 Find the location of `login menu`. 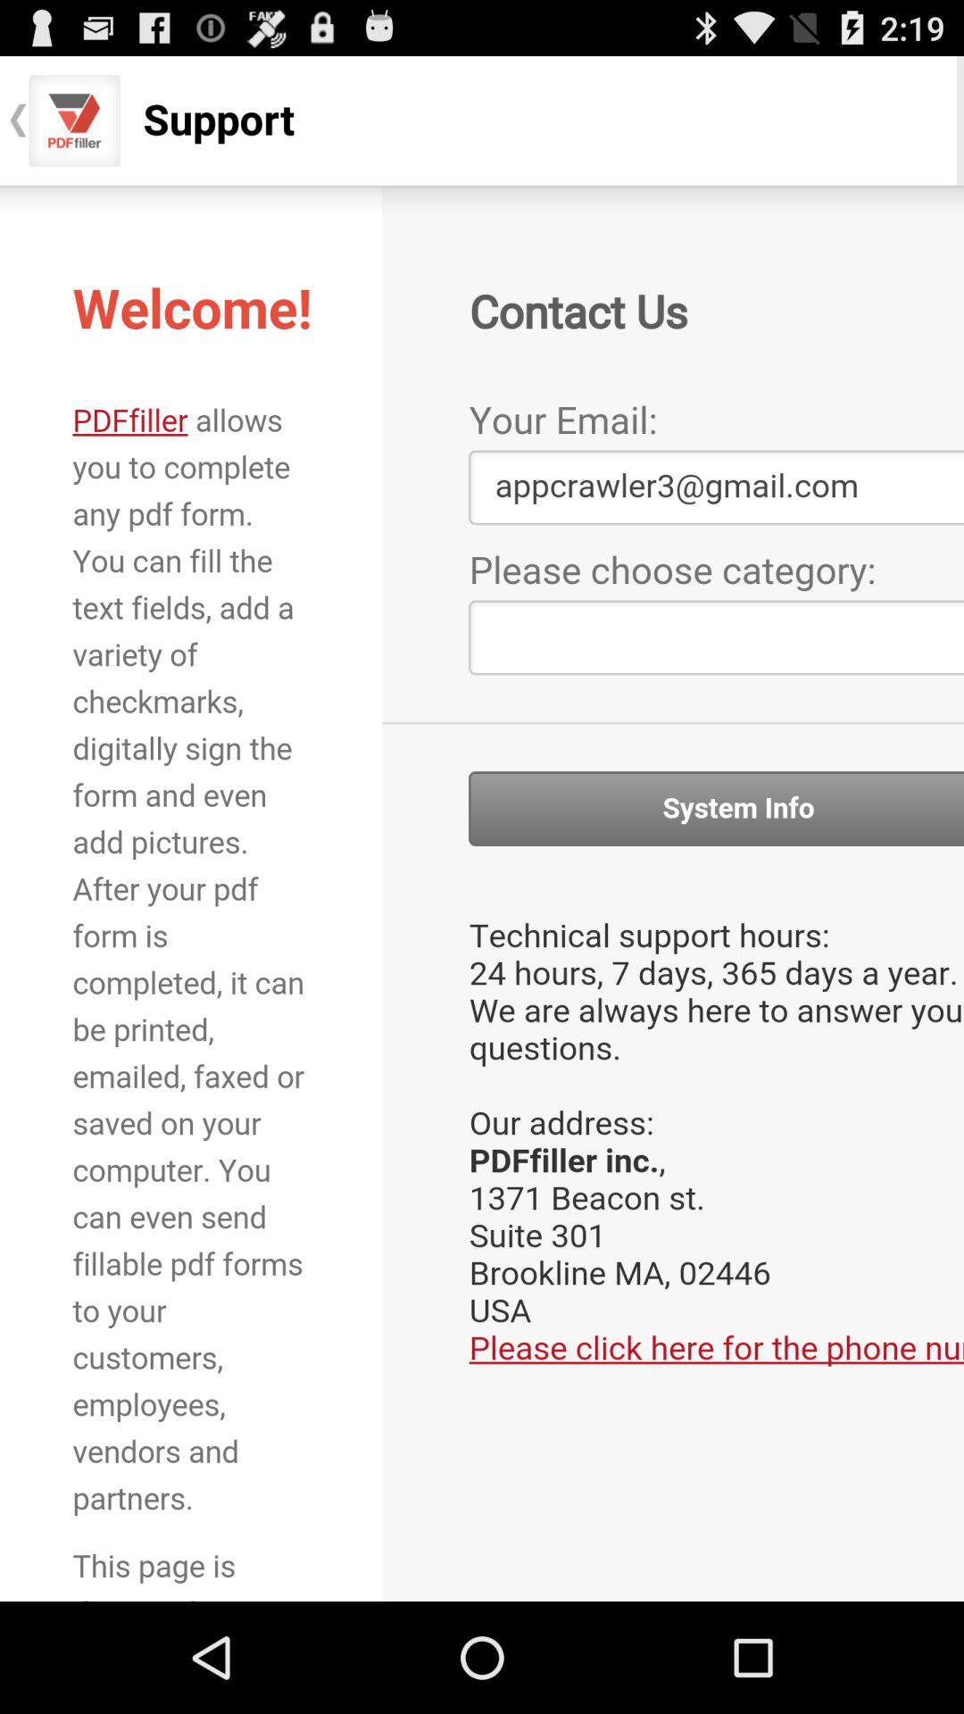

login menu is located at coordinates (482, 893).